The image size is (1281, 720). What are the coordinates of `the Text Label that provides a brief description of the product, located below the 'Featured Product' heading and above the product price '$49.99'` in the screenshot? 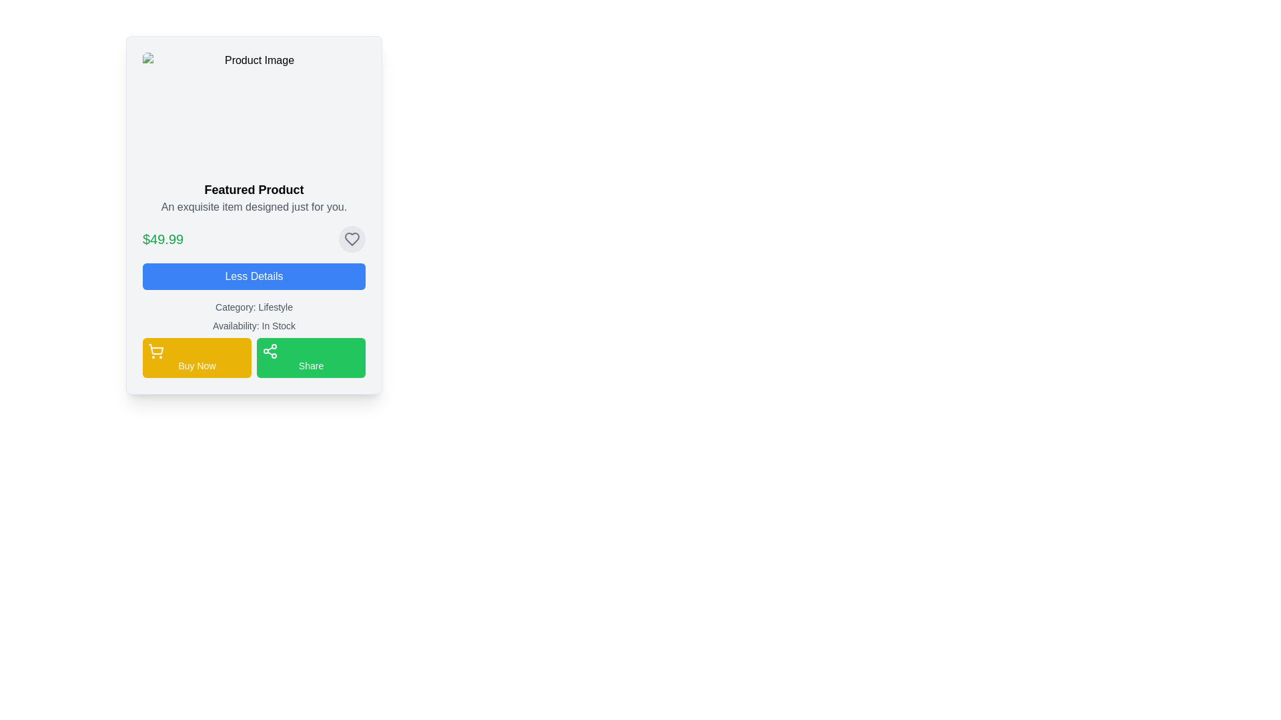 It's located at (254, 207).